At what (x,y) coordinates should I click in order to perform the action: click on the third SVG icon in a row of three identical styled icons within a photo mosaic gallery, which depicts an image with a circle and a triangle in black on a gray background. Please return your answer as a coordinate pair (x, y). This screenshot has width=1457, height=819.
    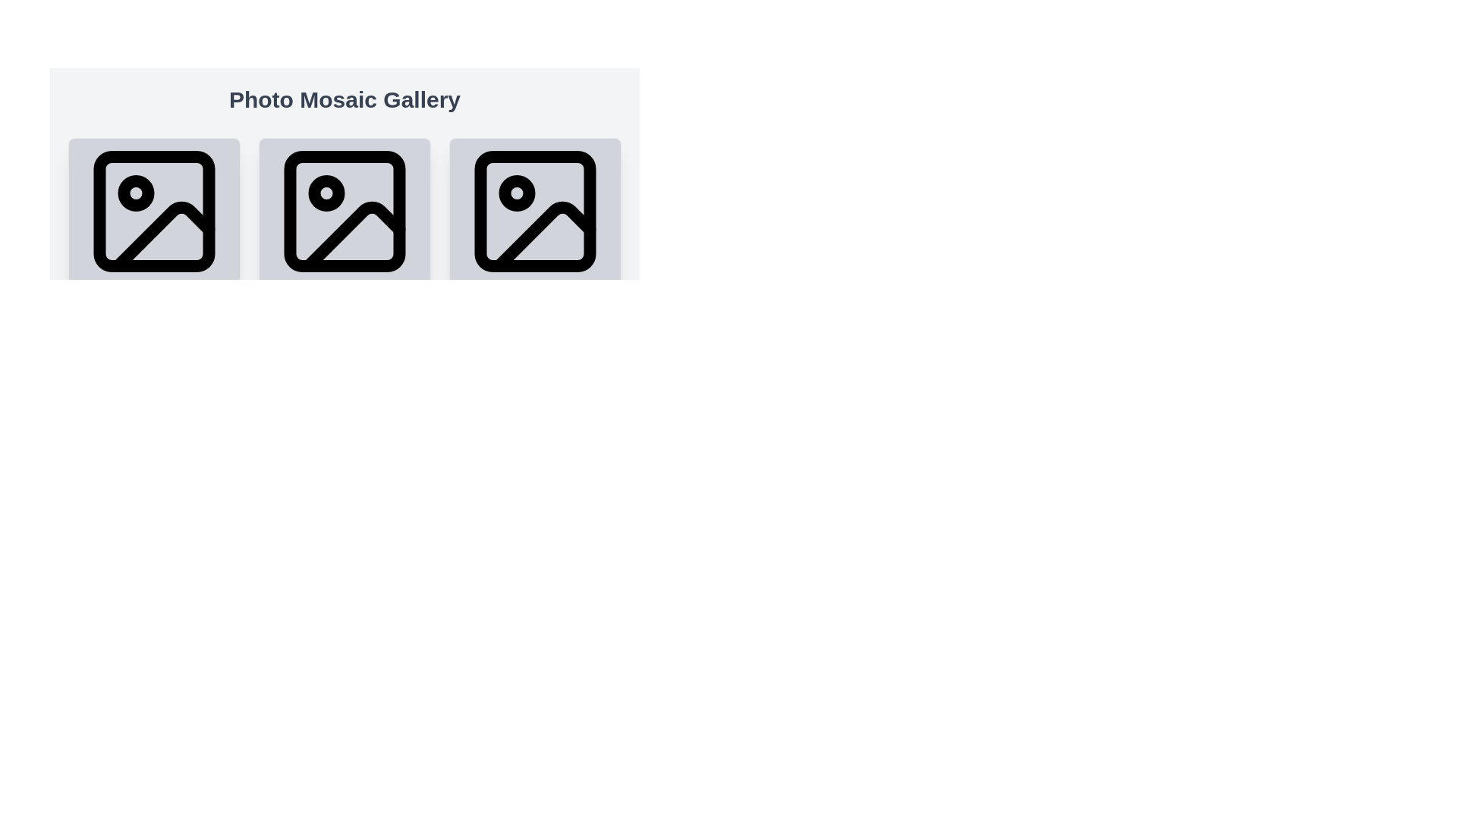
    Looking at the image, I should click on (535, 211).